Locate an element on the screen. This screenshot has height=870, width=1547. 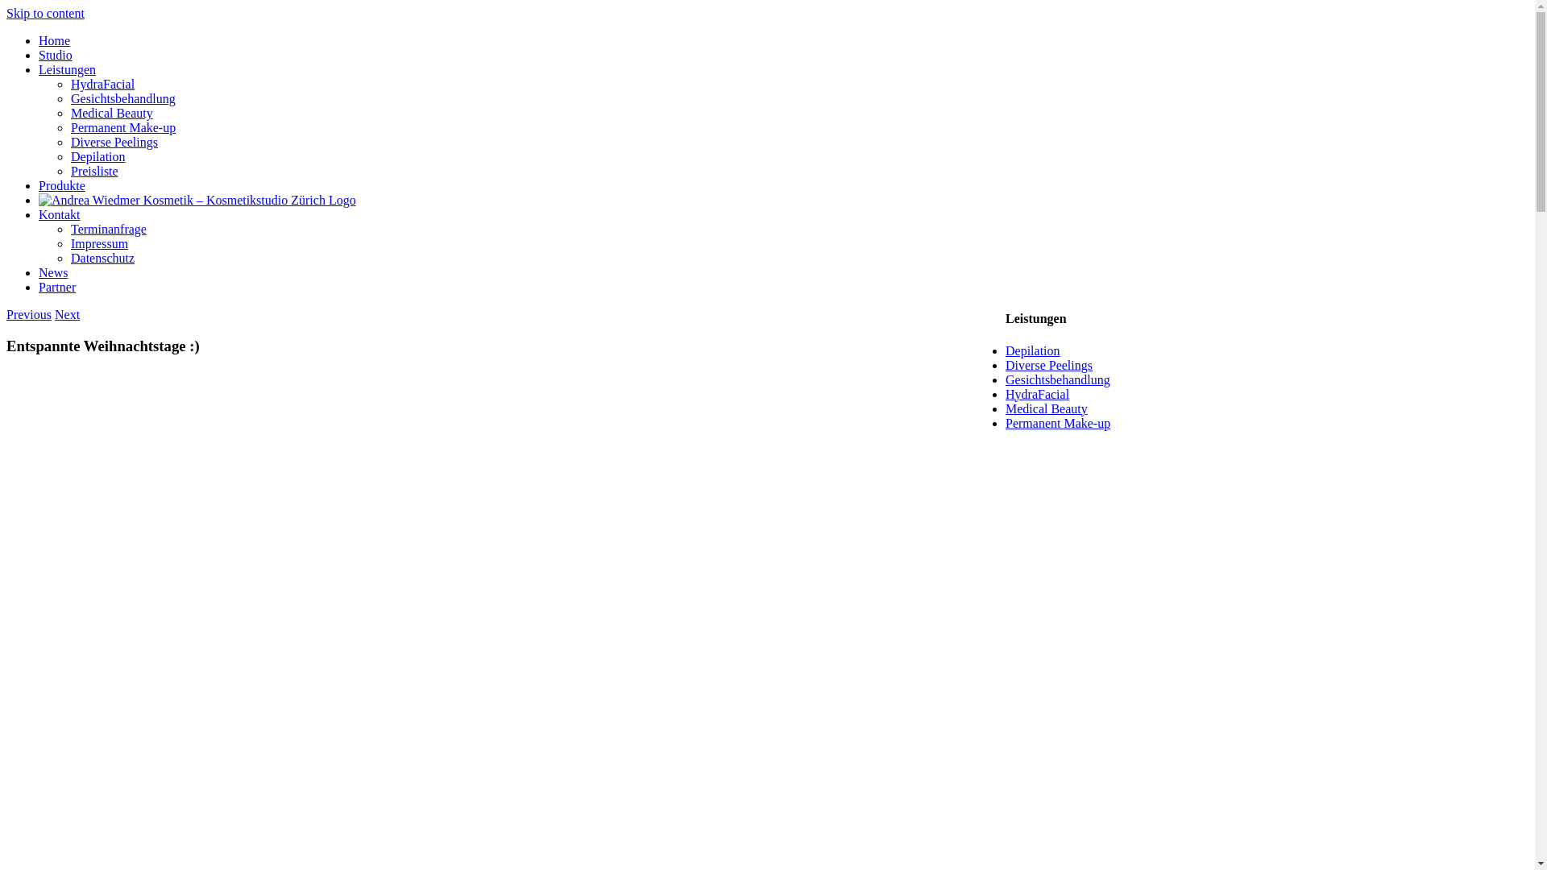
'Previous' is located at coordinates (6, 314).